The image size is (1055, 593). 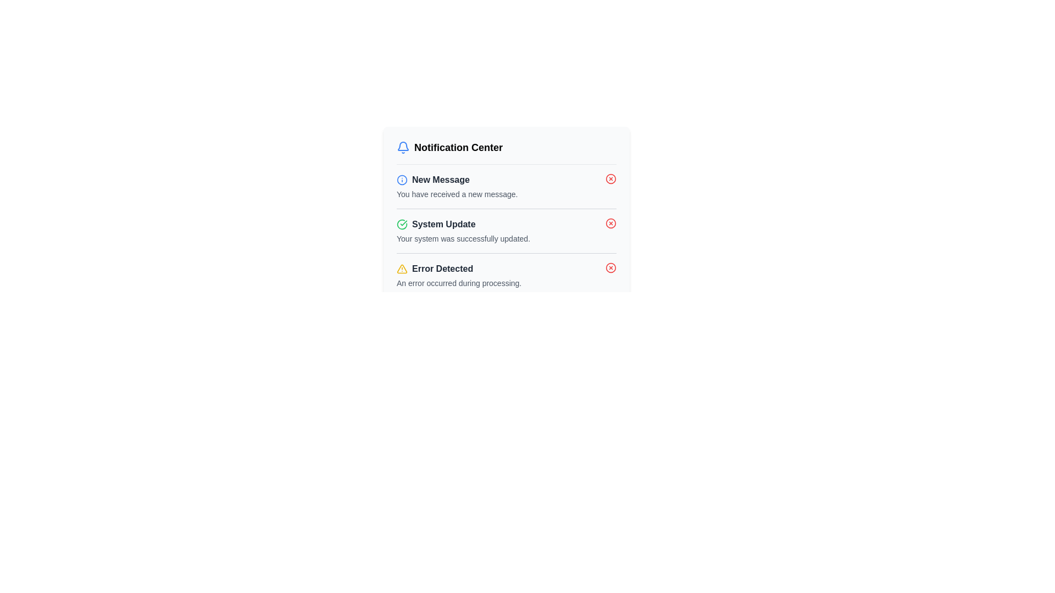 I want to click on the red circled cross icon button adjacent to the label 'Error Detected', so click(x=610, y=268).